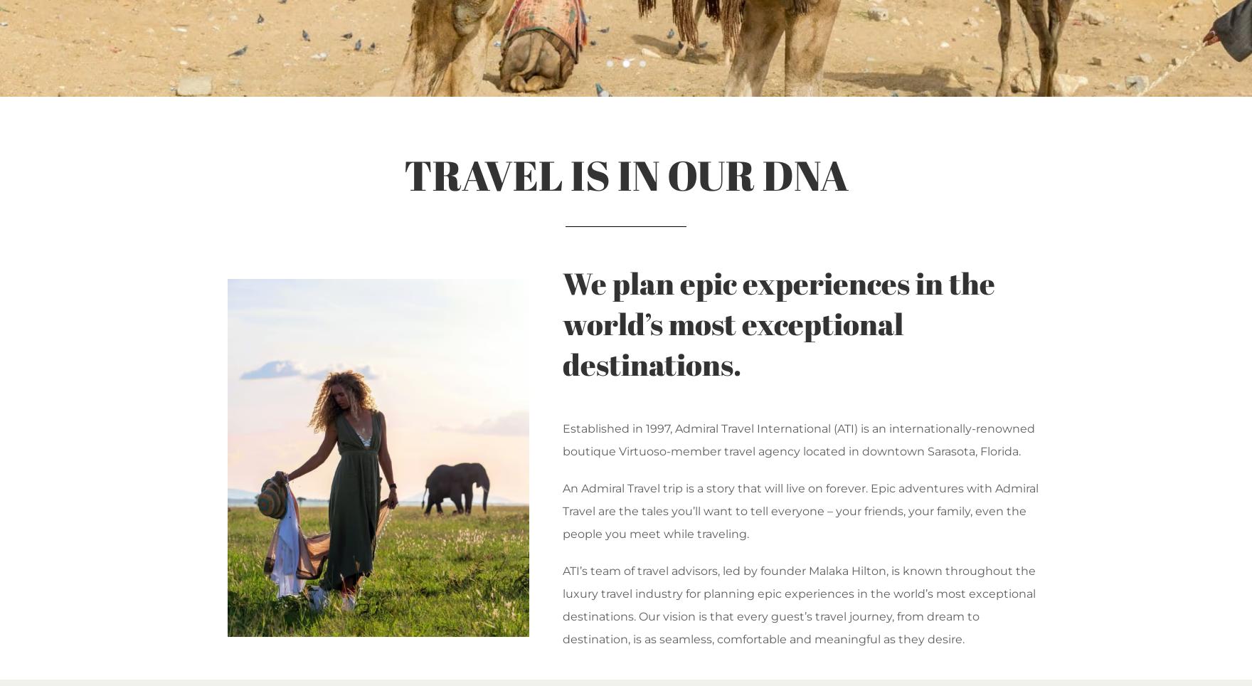 The image size is (1252, 686). I want to click on 'An Admiral Travel trip is a story that will live on forever. Epic adventures with Admiral Travel are the tales you’ll want to tell everyone – your friends, your family, even the people you meet while traveling.', so click(800, 511).